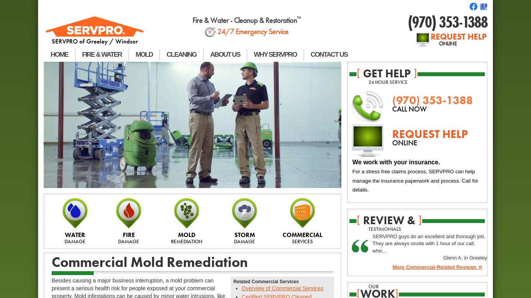 The height and width of the screenshot is (298, 531). What do you see at coordinates (465, 258) in the screenshot?
I see `'Glenn A. in Greeley'` at bounding box center [465, 258].